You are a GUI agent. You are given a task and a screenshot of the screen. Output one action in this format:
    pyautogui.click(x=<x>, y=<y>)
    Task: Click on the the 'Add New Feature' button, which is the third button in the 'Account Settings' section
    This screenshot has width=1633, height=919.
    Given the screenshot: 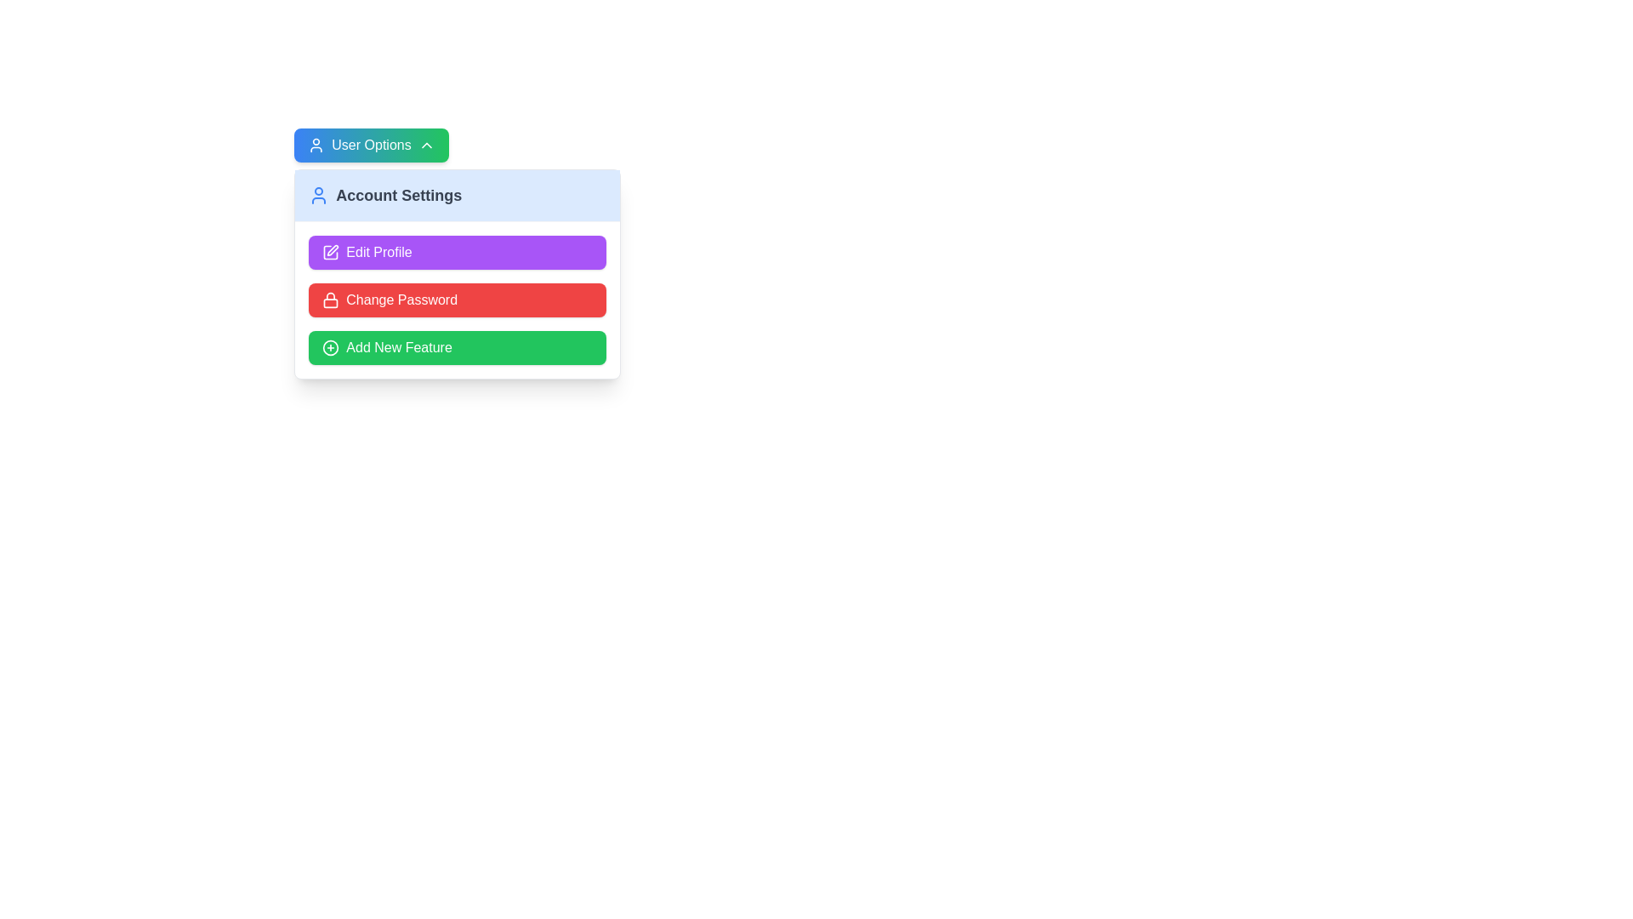 What is the action you would take?
    pyautogui.click(x=458, y=346)
    